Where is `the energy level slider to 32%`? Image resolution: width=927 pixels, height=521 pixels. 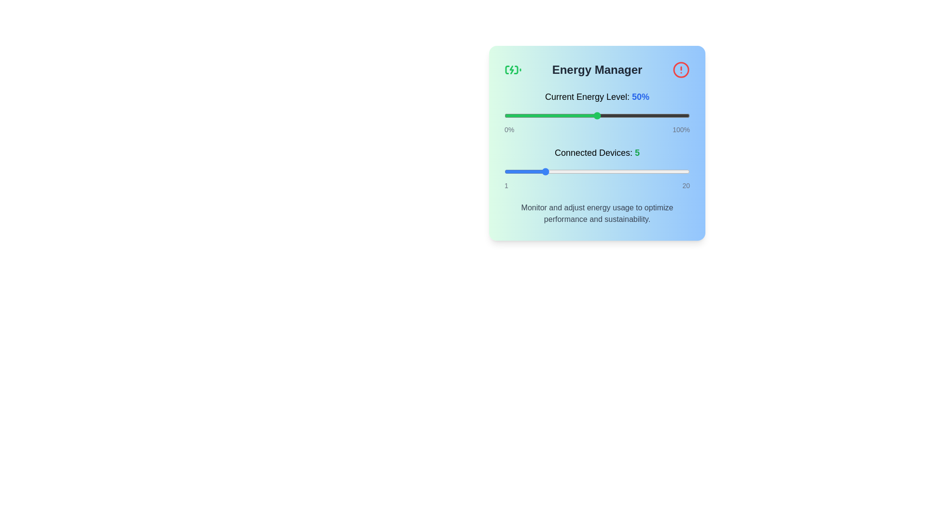
the energy level slider to 32% is located at coordinates (563, 115).